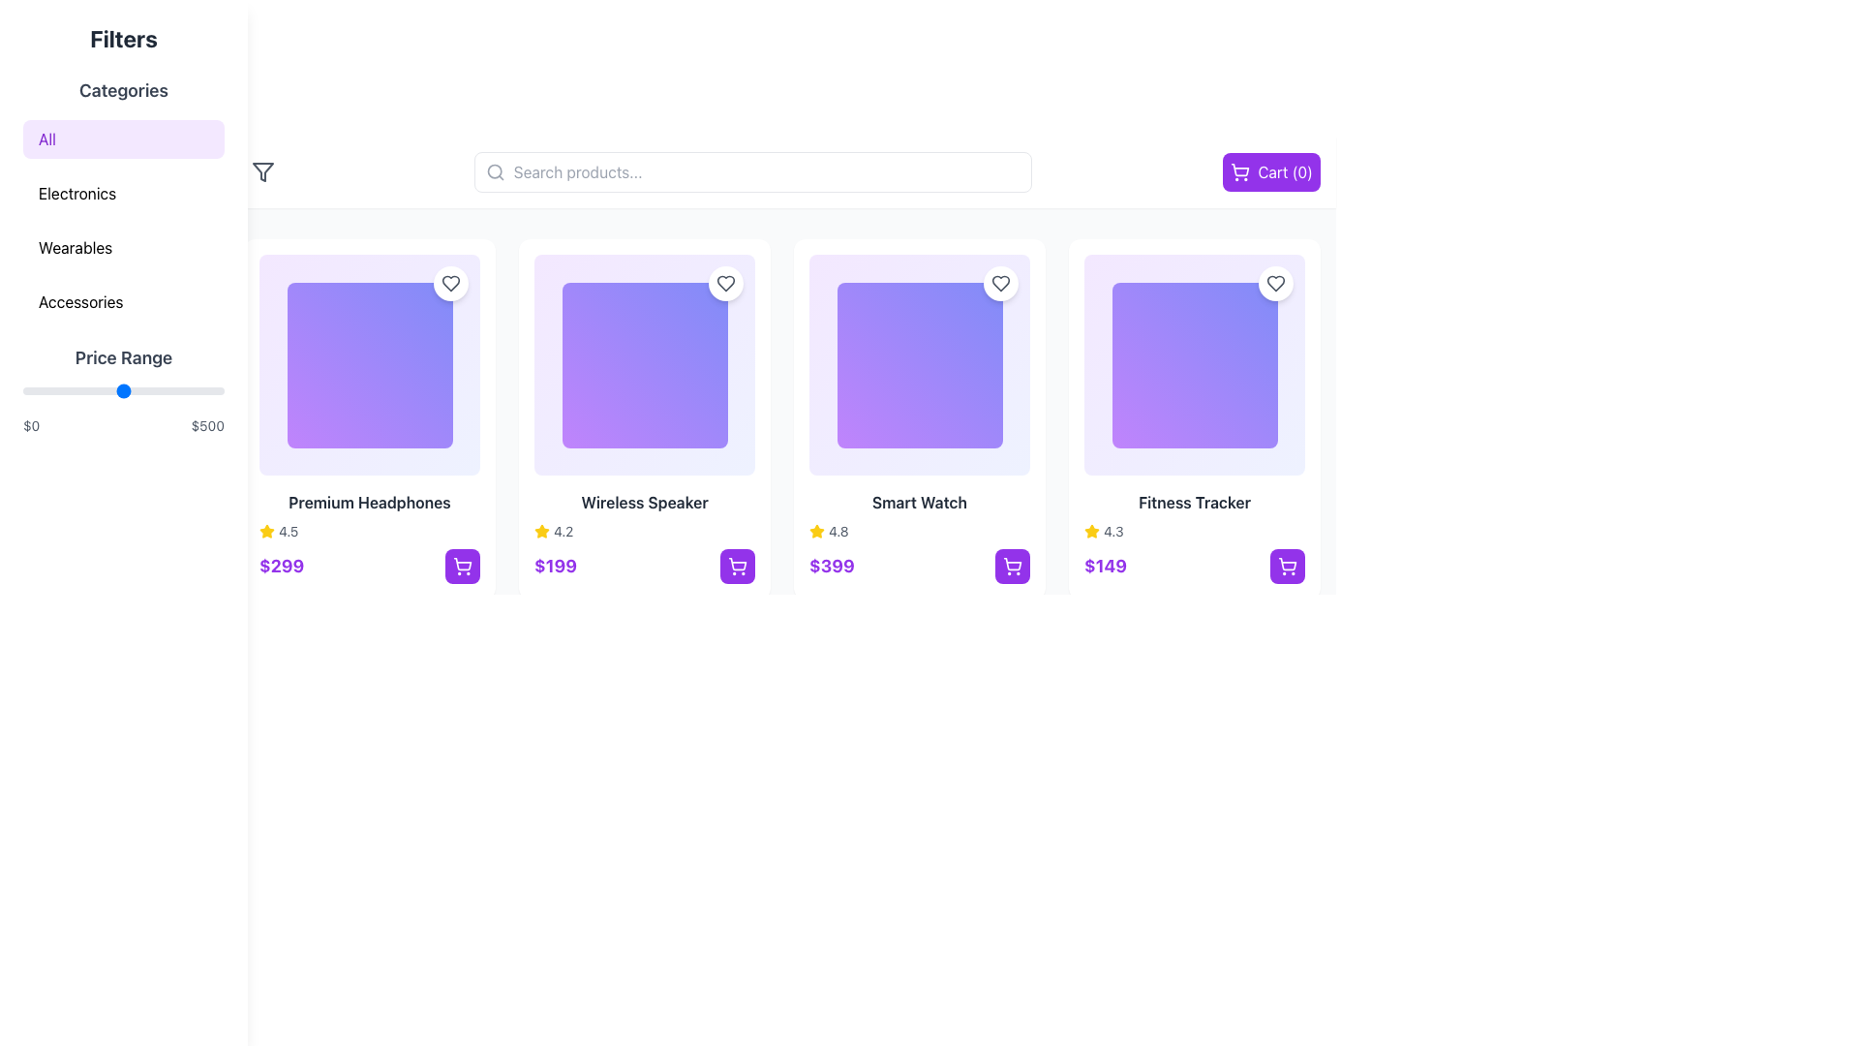 Image resolution: width=1859 pixels, height=1046 pixels. What do you see at coordinates (832, 567) in the screenshot?
I see `price information displayed in the leftmost text label under the product image and rating stars of the 'Smart Watch' card` at bounding box center [832, 567].